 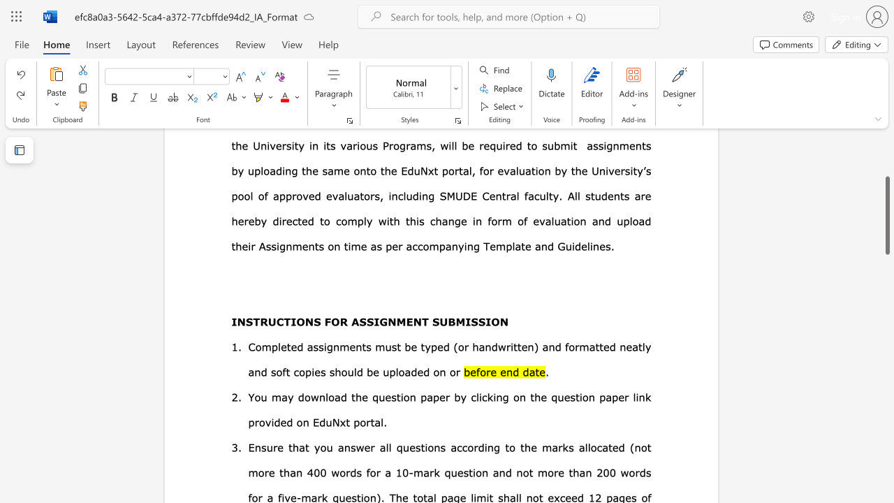 I want to click on the scrollbar and move down 570 pixels, so click(x=886, y=215).